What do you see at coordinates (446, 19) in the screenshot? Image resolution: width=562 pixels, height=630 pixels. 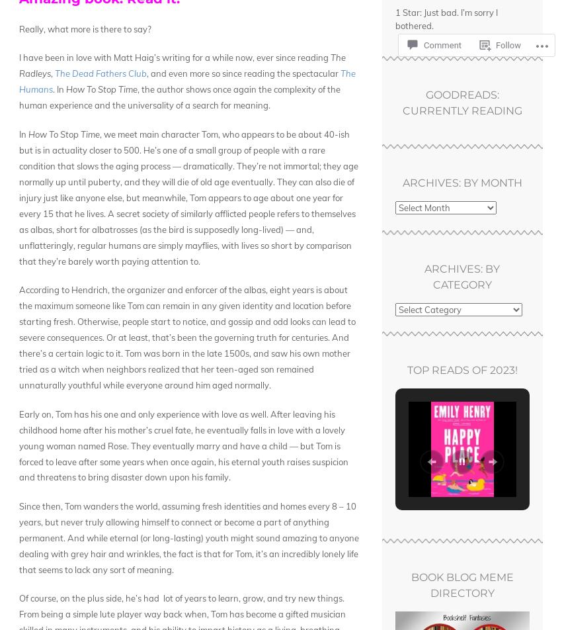 I see `'1 Star: Just bad. I’m sorry I bothered.'` at bounding box center [446, 19].